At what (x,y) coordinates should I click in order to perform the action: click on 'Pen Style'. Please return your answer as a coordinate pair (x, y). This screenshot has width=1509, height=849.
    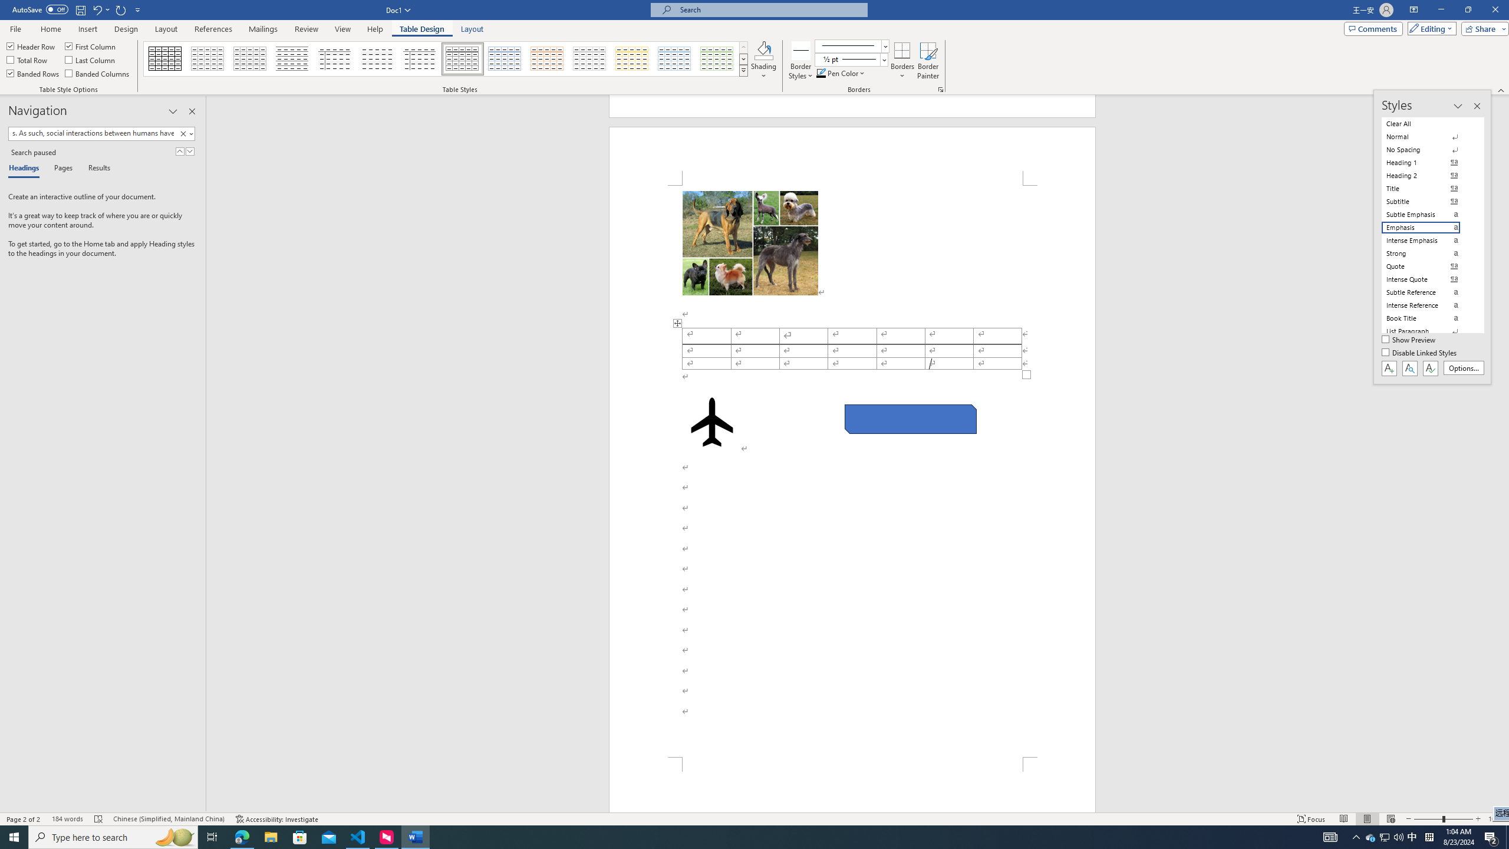
    Looking at the image, I should click on (851, 45).